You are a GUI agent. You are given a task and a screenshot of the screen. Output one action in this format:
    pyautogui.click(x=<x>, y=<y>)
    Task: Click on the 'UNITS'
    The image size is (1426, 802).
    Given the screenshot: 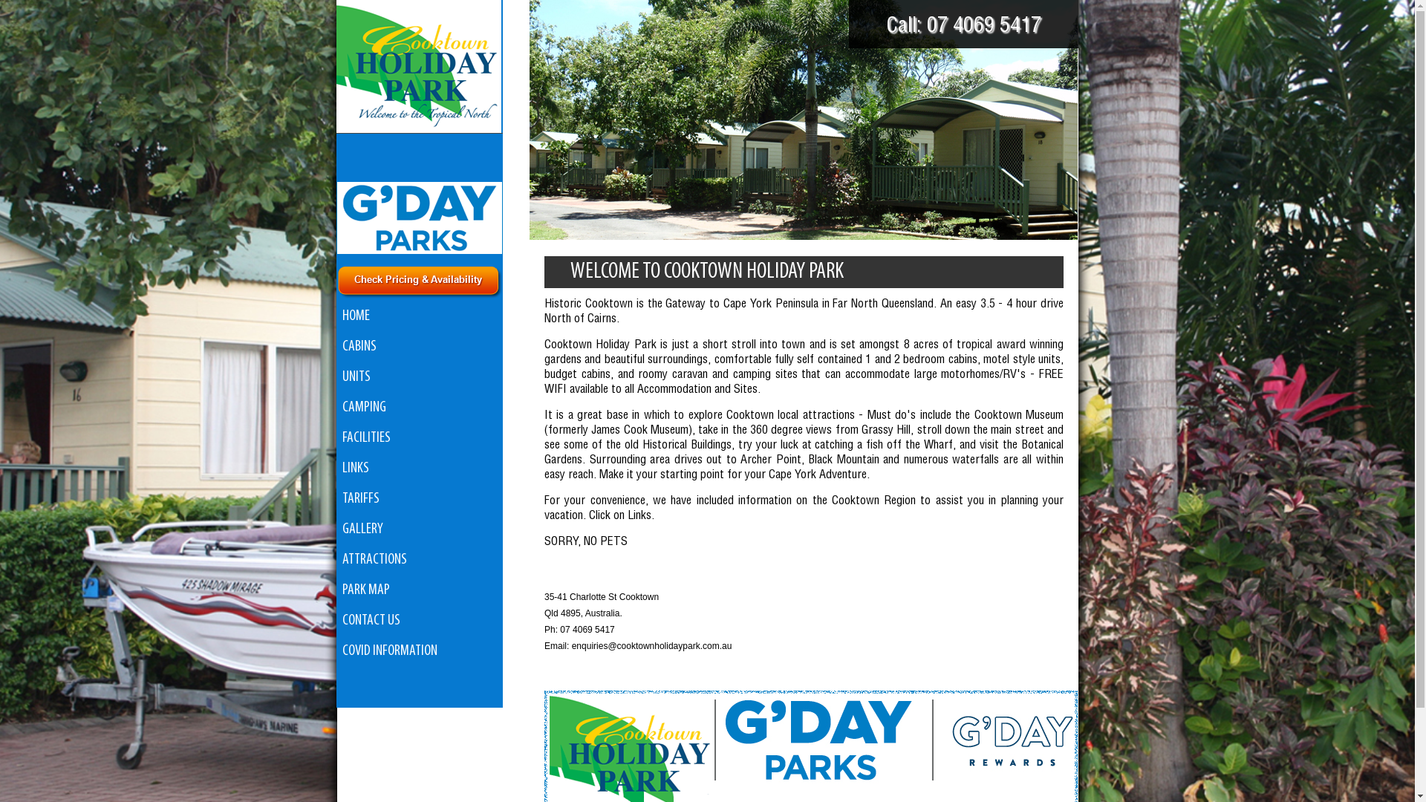 What is the action you would take?
    pyautogui.click(x=419, y=376)
    